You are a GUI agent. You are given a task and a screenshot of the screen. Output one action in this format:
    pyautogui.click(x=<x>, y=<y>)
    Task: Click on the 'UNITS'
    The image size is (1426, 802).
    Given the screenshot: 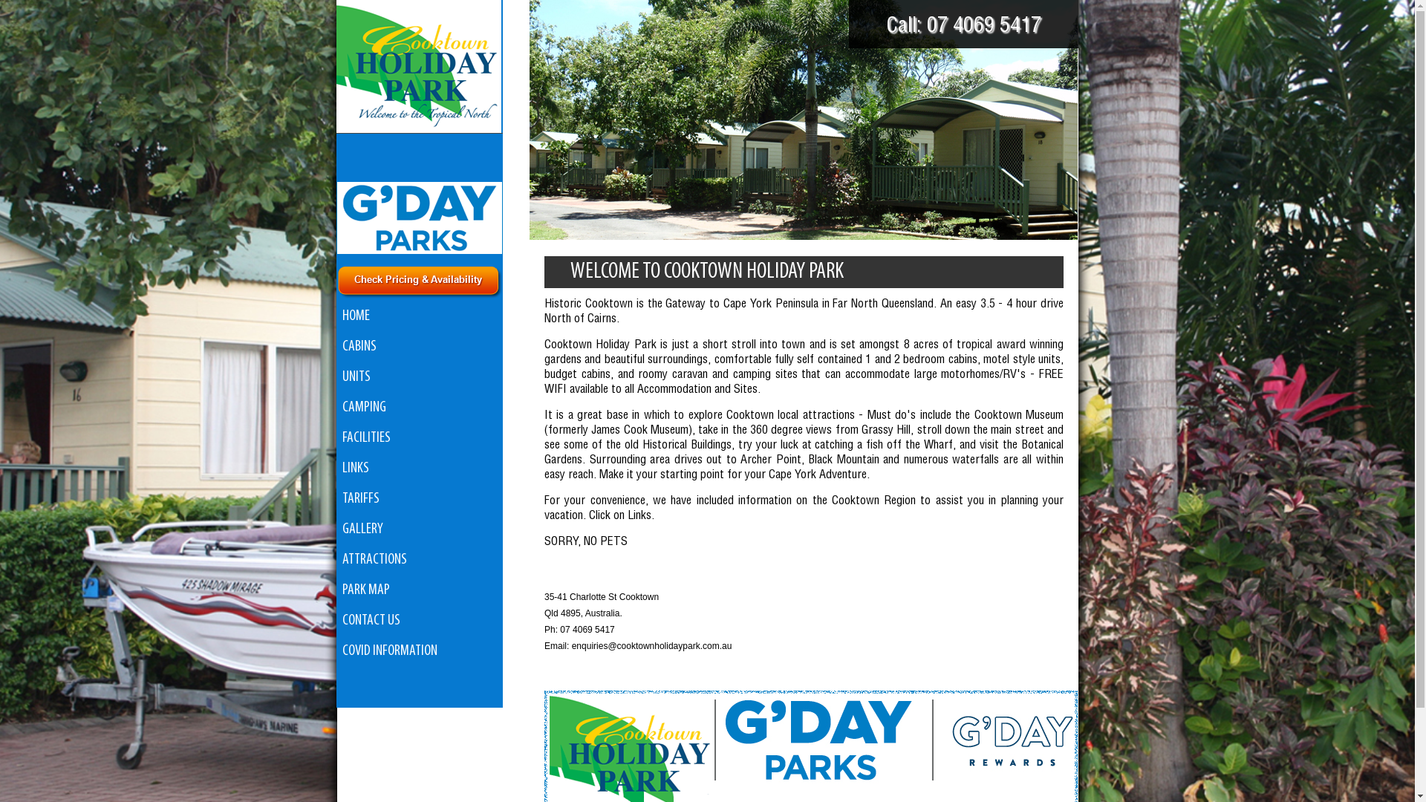 What is the action you would take?
    pyautogui.click(x=419, y=376)
    